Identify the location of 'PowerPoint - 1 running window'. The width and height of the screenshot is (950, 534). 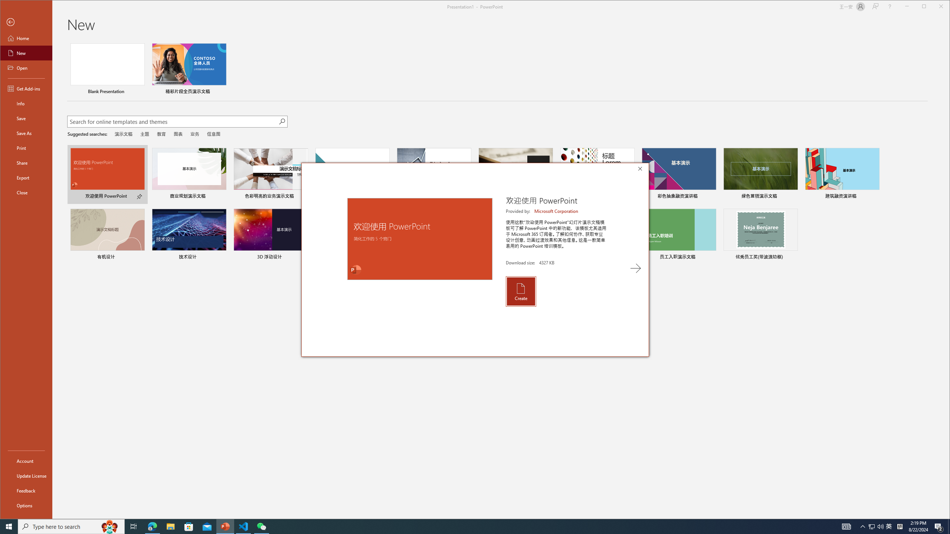
(225, 526).